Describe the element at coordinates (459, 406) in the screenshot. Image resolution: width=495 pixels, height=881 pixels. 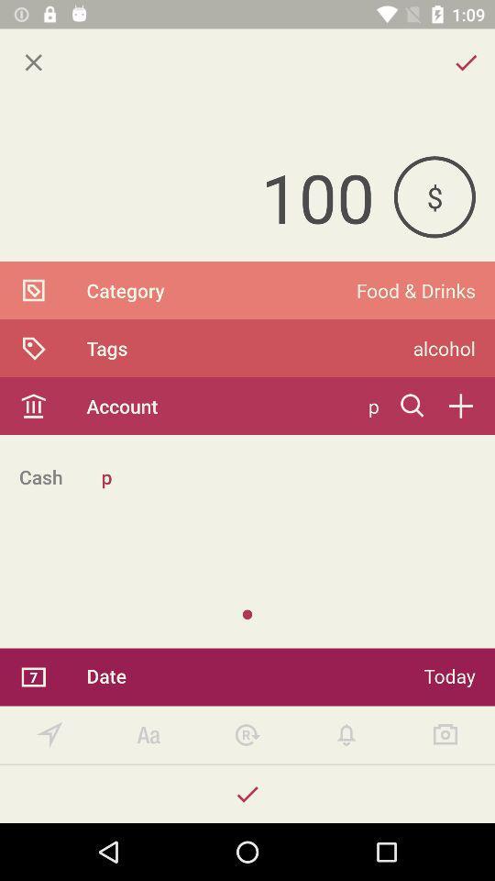
I see `icon below the alcohol item` at that location.